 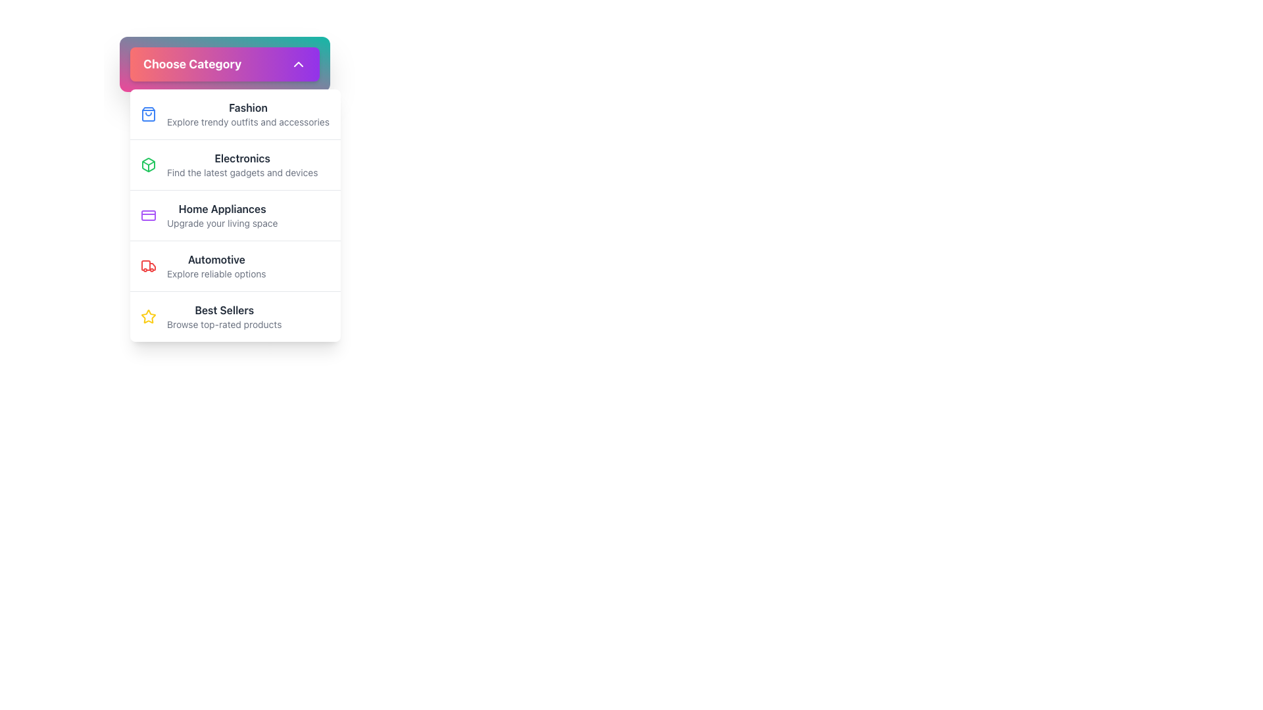 I want to click on the star icon representing the 'Best Sellers' category to interact with it, so click(x=148, y=317).